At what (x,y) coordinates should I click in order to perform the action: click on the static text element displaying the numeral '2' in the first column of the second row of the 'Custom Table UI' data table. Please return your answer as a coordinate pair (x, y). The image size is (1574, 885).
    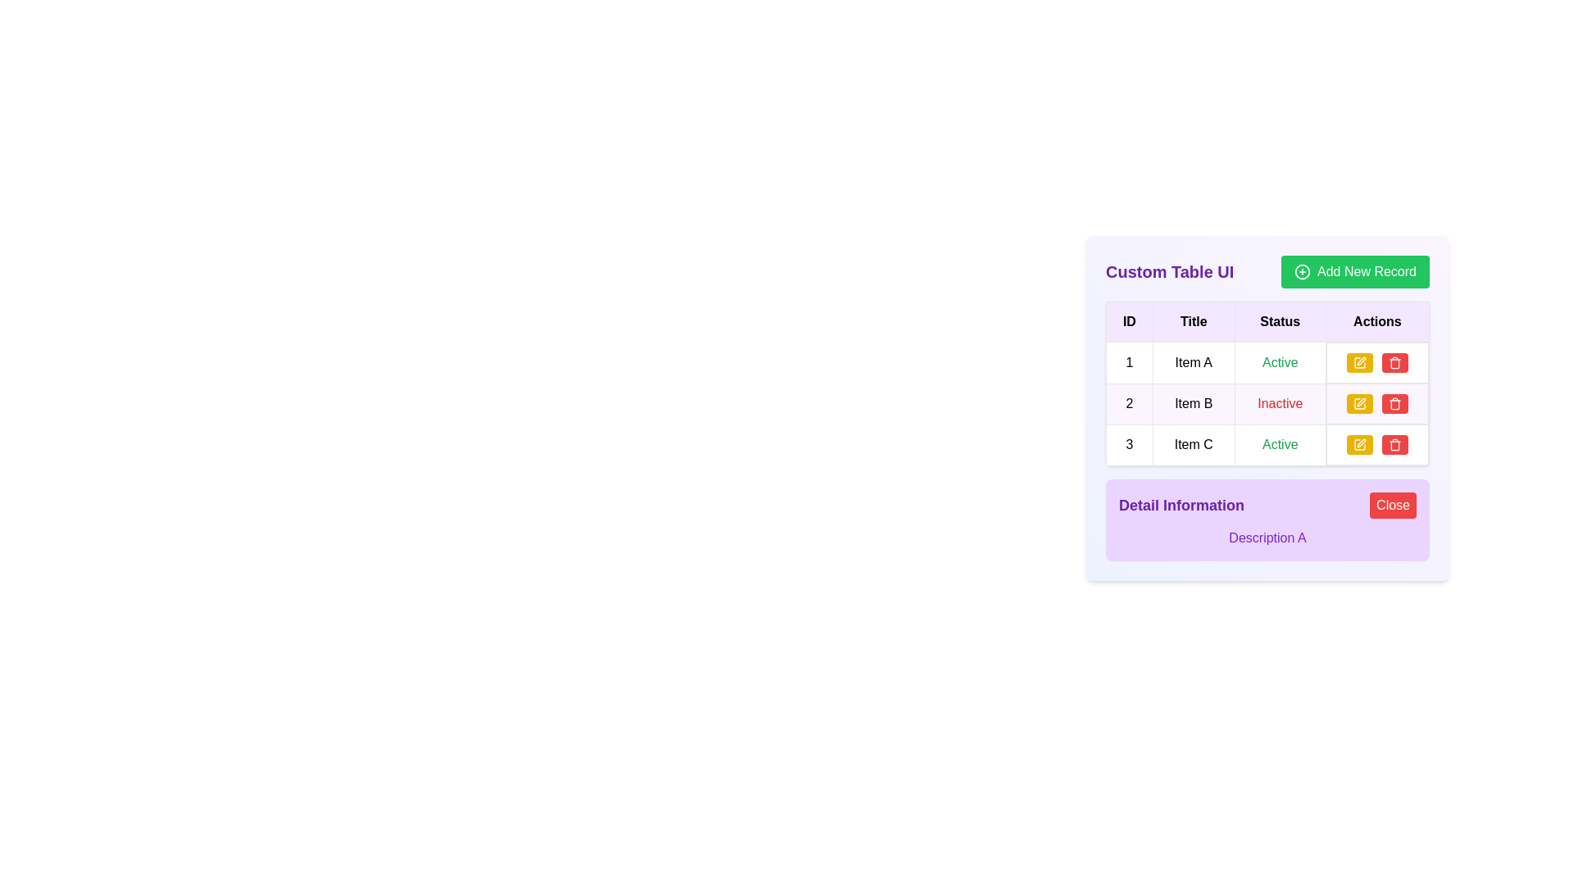
    Looking at the image, I should click on (1128, 404).